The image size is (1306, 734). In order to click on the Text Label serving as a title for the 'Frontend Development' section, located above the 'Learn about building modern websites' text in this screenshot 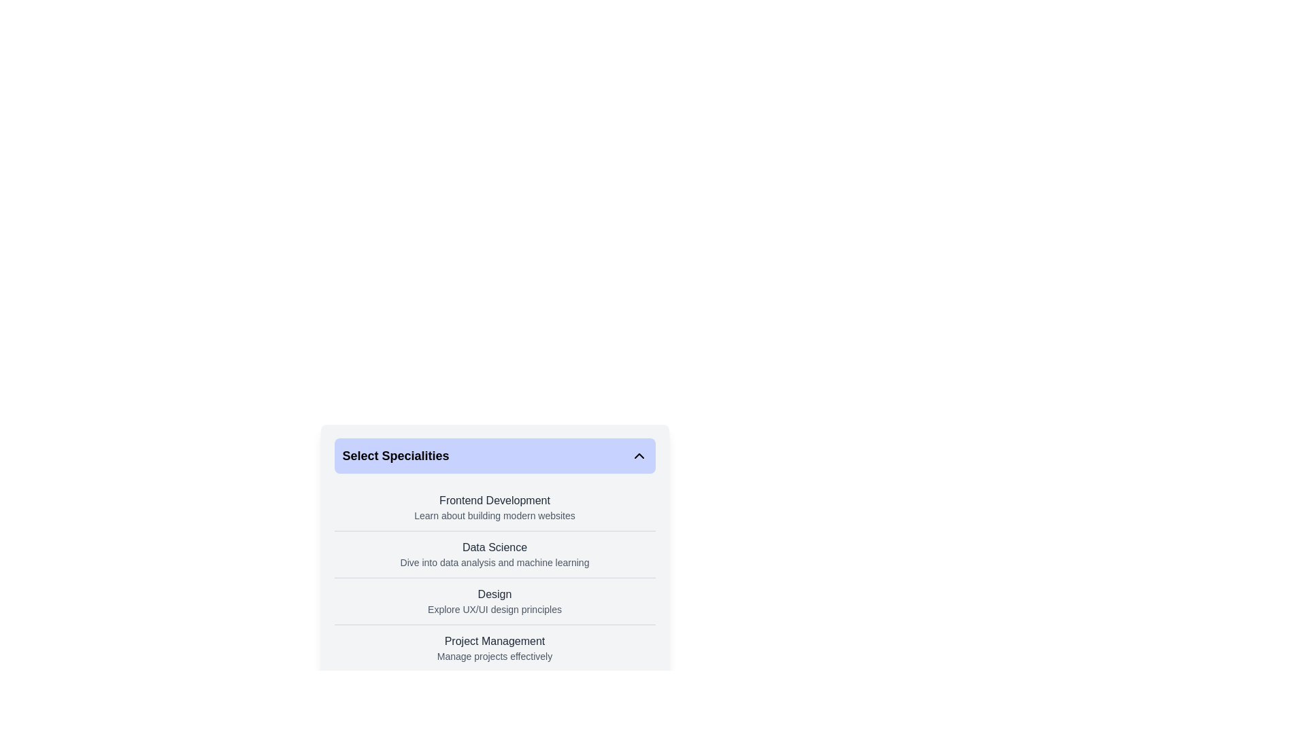, I will do `click(494, 500)`.